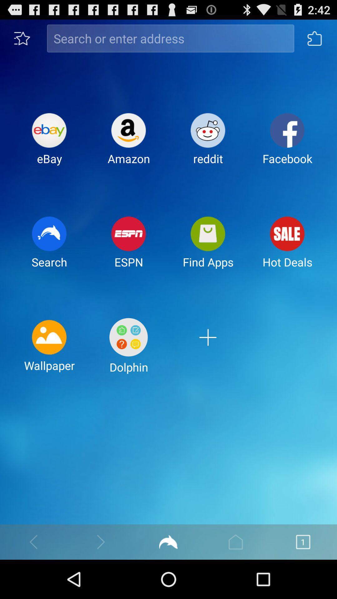 The width and height of the screenshot is (337, 599). Describe the element at coordinates (49, 144) in the screenshot. I see `the icon to the left of the amazon` at that location.